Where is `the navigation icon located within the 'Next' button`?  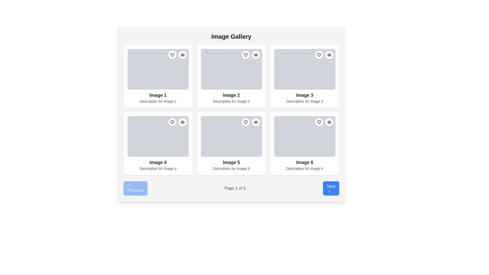
the navigation icon located within the 'Next' button is located at coordinates (329, 191).